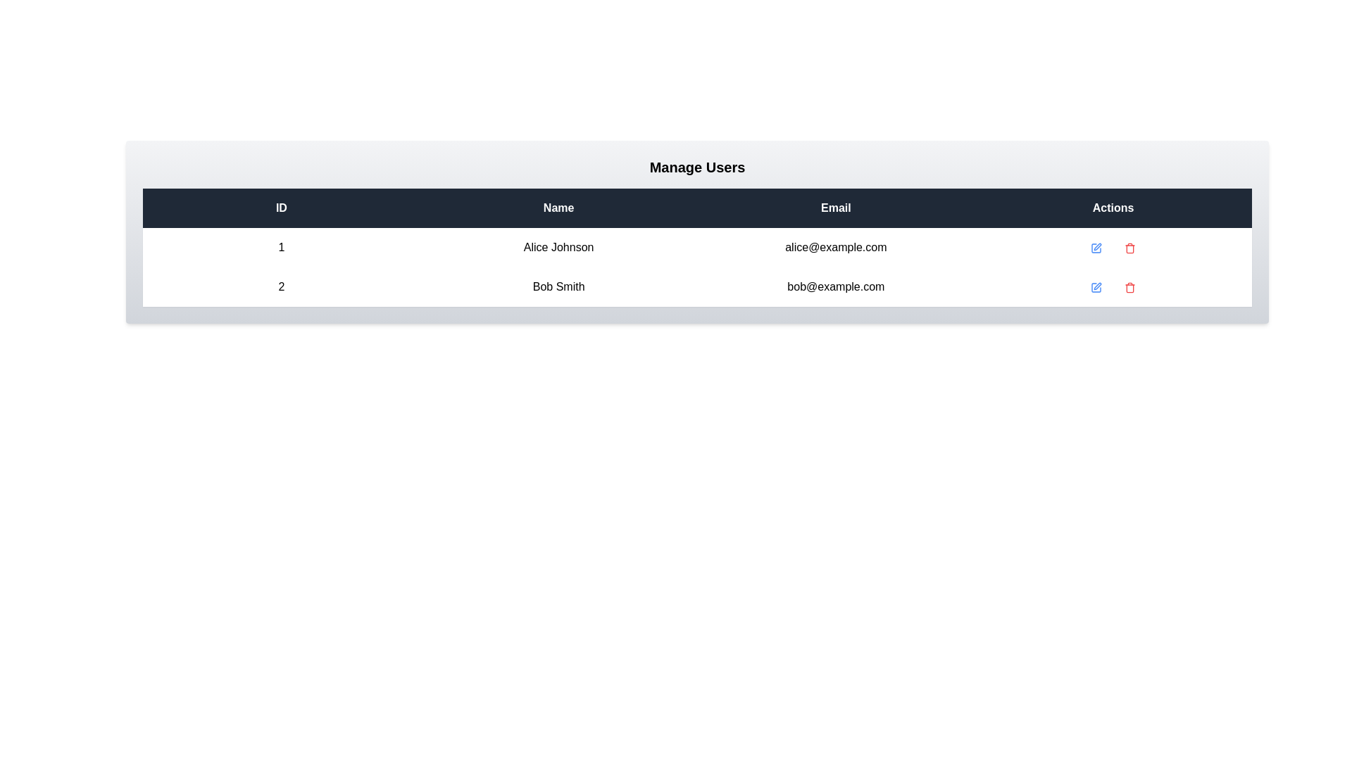  What do you see at coordinates (1096, 246) in the screenshot?
I see `the 'Edit' icon for the user with ID 1` at bounding box center [1096, 246].